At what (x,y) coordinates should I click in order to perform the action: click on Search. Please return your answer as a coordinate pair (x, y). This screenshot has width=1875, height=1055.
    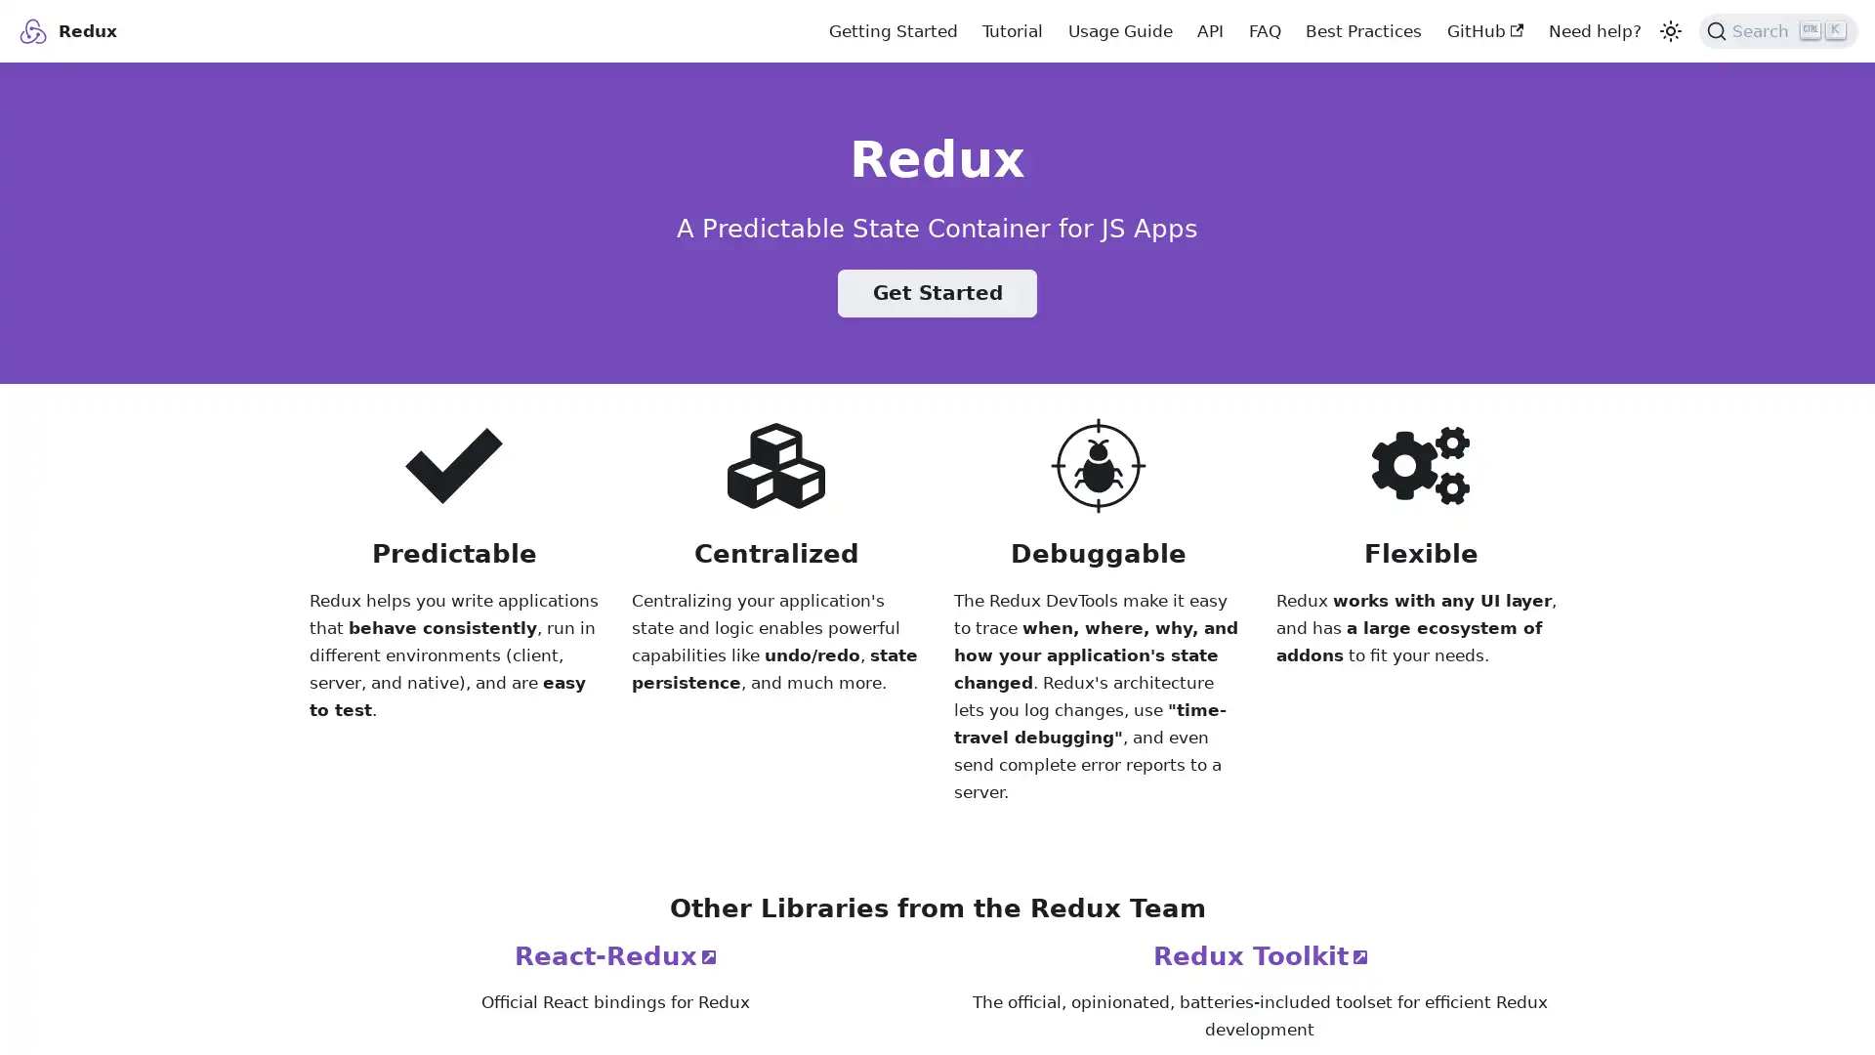
    Looking at the image, I should click on (1778, 29).